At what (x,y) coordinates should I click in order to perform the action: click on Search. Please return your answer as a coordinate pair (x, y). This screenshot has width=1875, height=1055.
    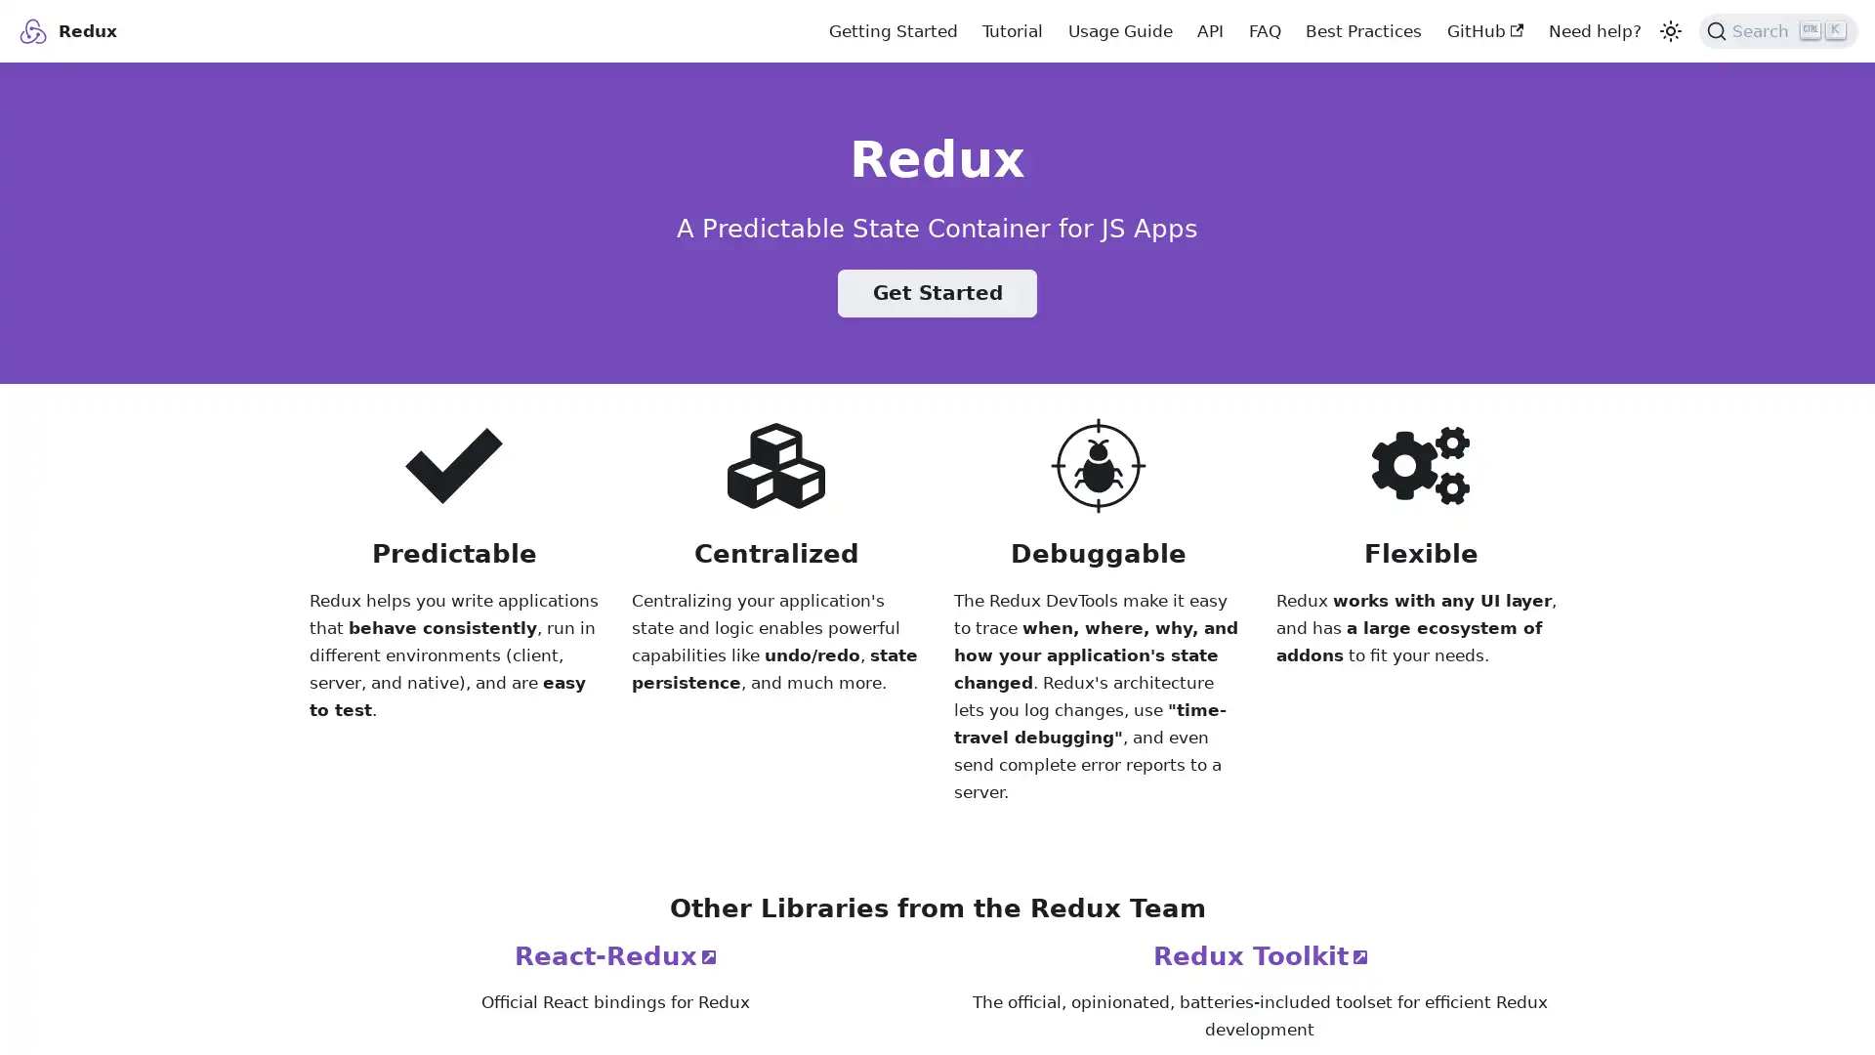
    Looking at the image, I should click on (1778, 29).